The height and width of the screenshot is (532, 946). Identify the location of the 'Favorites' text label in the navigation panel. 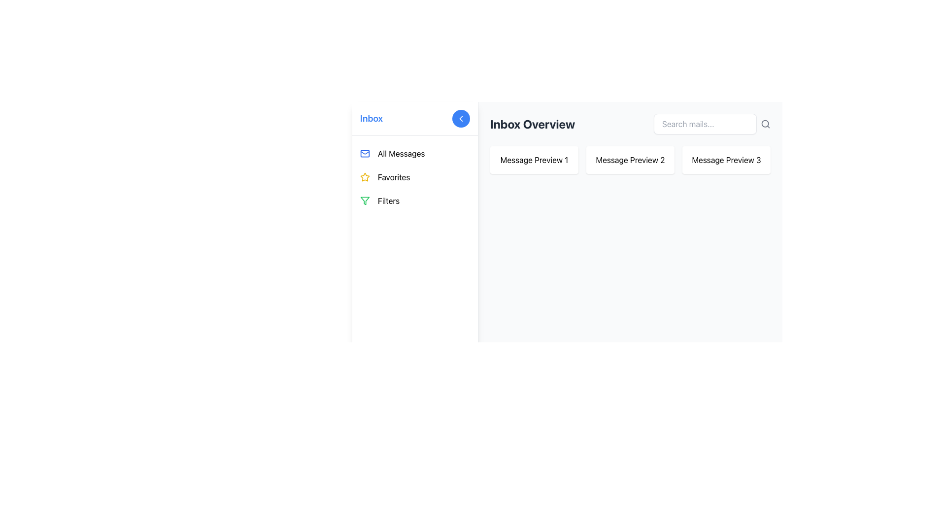
(393, 176).